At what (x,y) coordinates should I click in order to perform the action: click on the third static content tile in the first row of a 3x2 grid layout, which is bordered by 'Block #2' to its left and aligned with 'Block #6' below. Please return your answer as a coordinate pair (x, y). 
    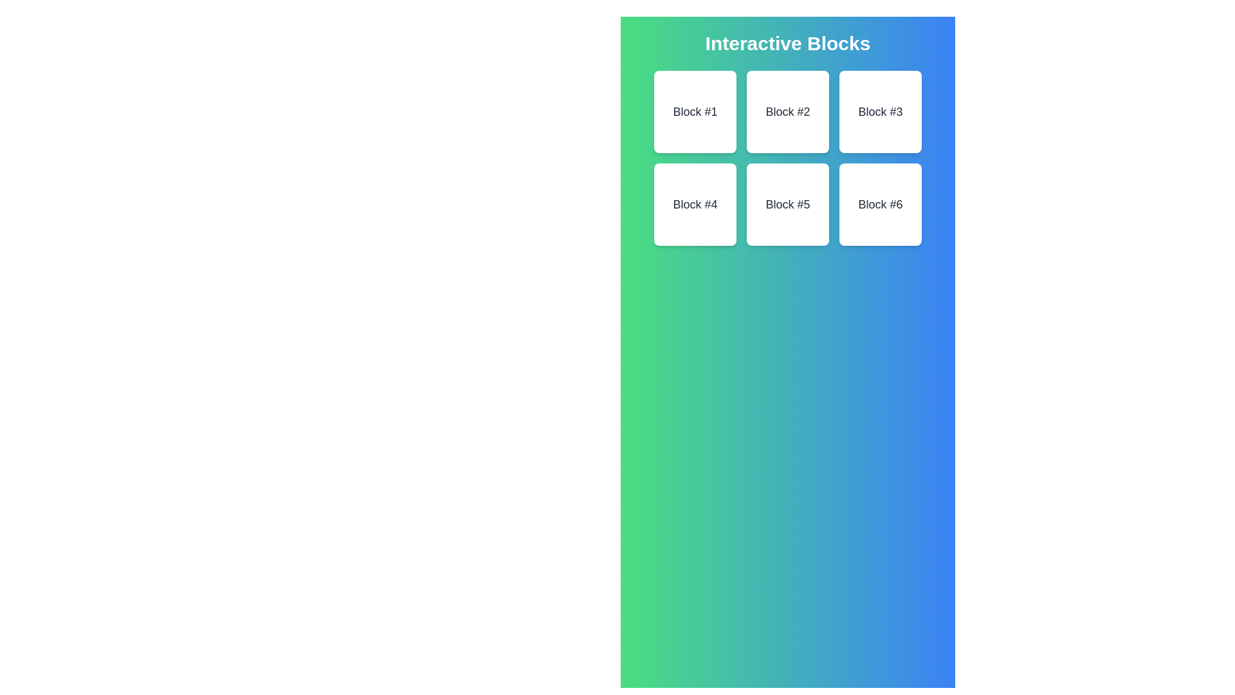
    Looking at the image, I should click on (879, 111).